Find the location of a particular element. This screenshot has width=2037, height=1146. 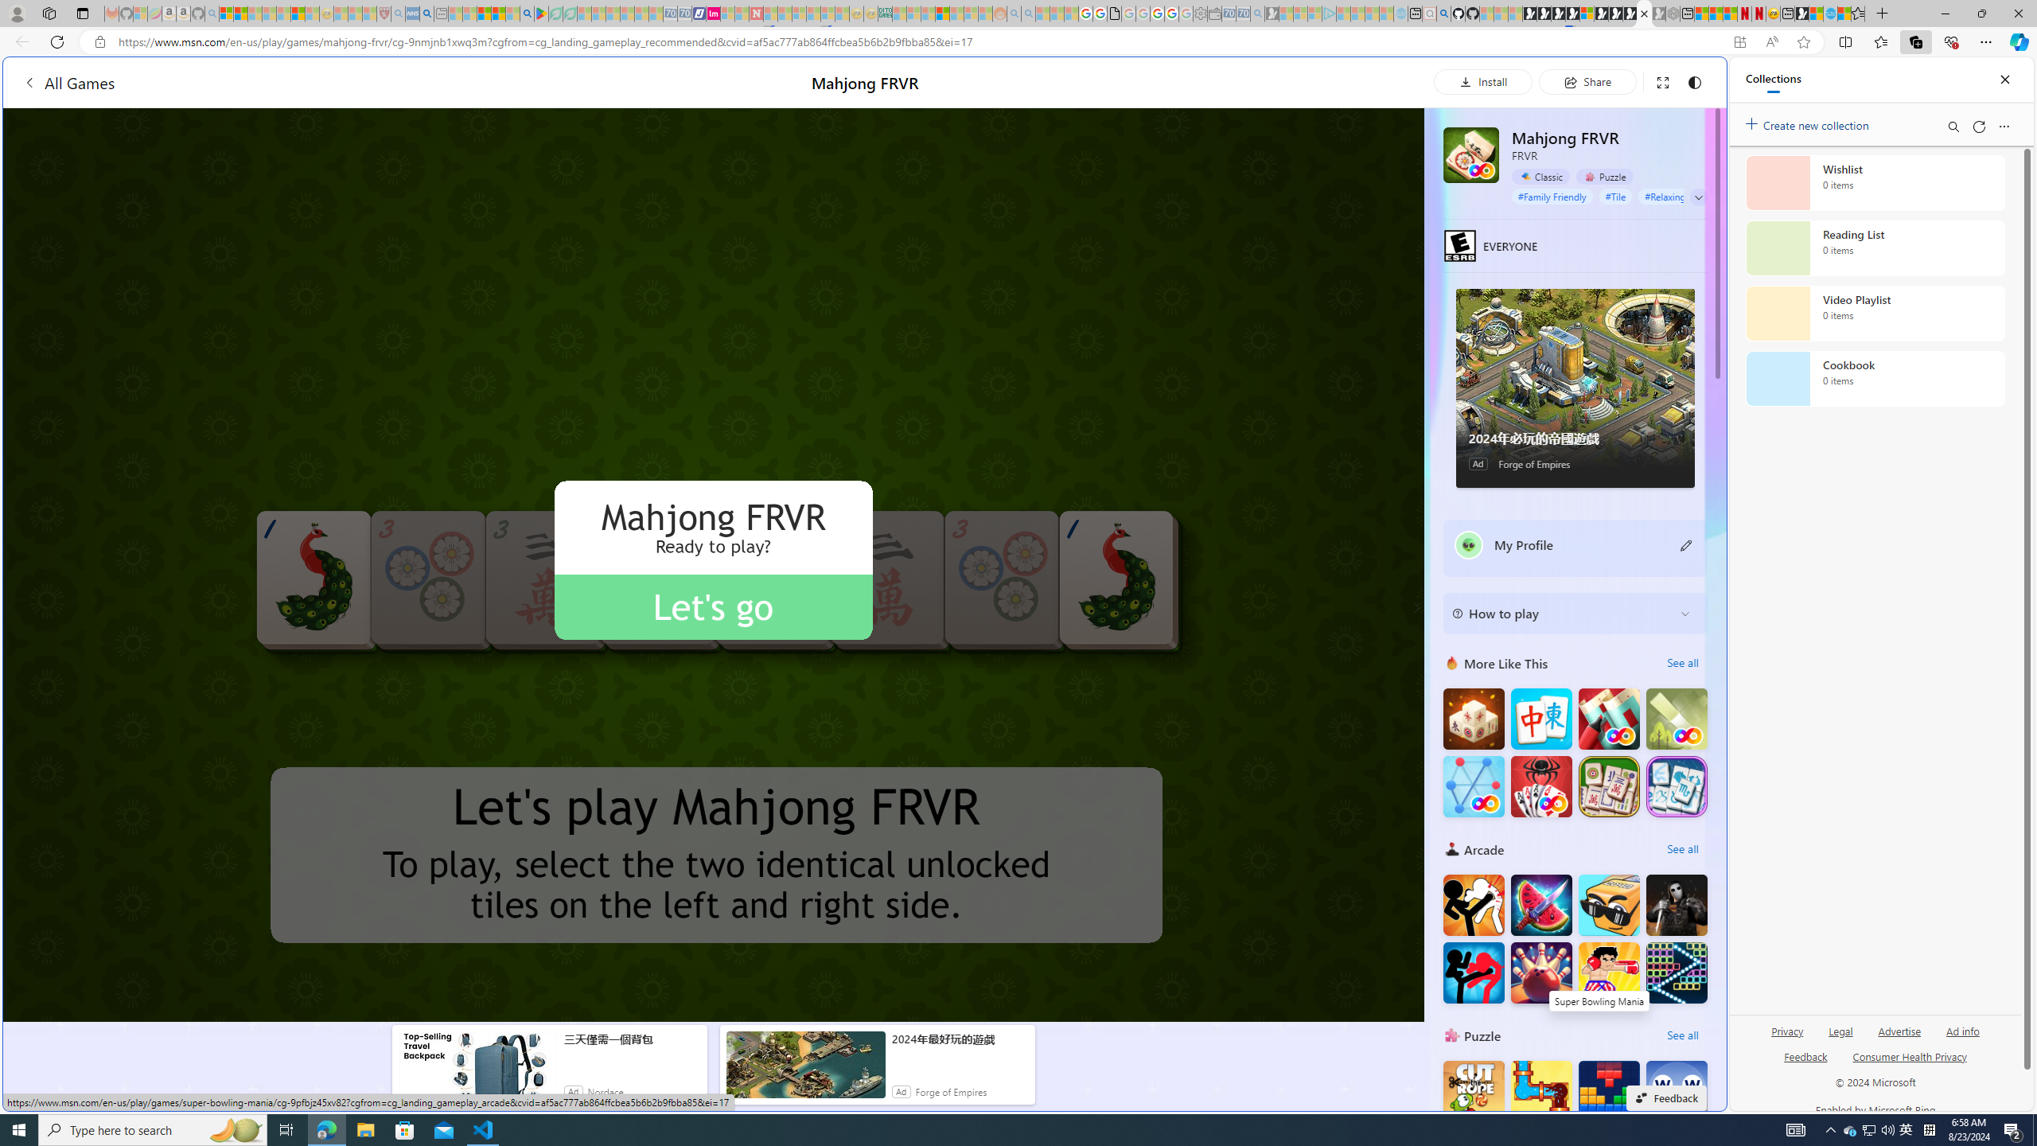

'#Family Friendly' is located at coordinates (1551, 195).